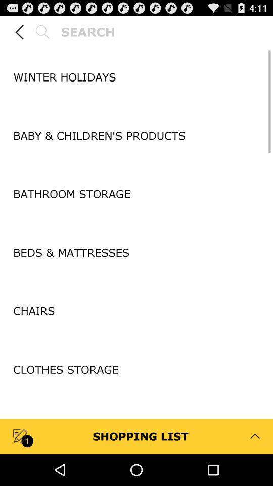  What do you see at coordinates (136, 135) in the screenshot?
I see `the baby children s` at bounding box center [136, 135].